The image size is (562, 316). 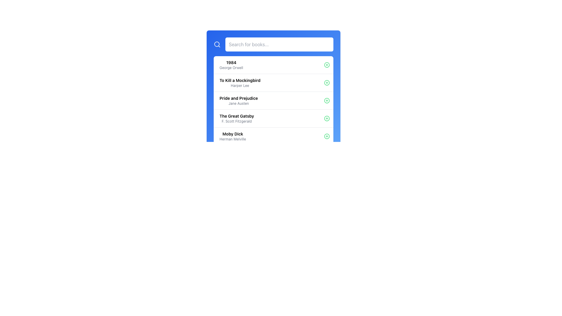 I want to click on the interactive button on the right edge of the '1984 - George Orwell' item in the list, so click(x=327, y=65).